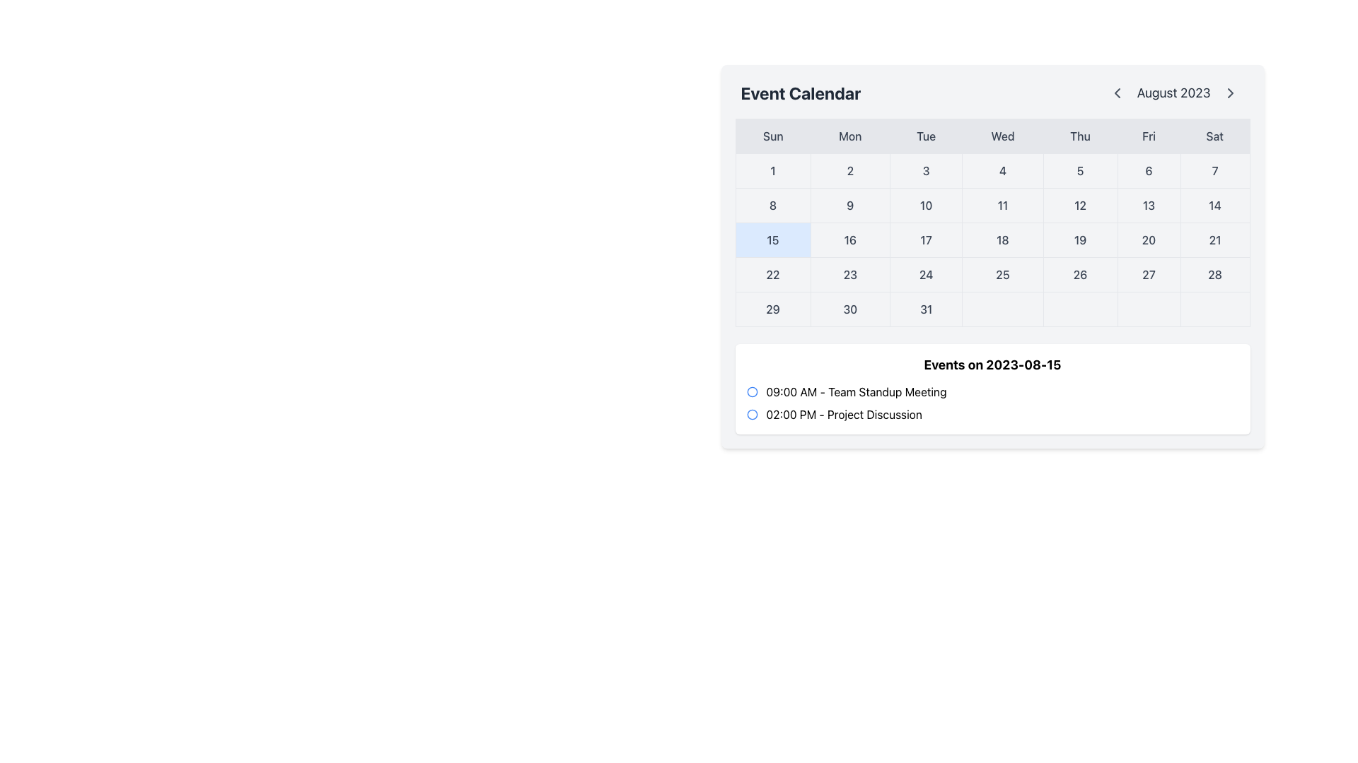 This screenshot has width=1358, height=763. What do you see at coordinates (1116, 93) in the screenshot?
I see `the Chevron Left icon located to the left of the 'August 2023' text in the calendar widget header` at bounding box center [1116, 93].